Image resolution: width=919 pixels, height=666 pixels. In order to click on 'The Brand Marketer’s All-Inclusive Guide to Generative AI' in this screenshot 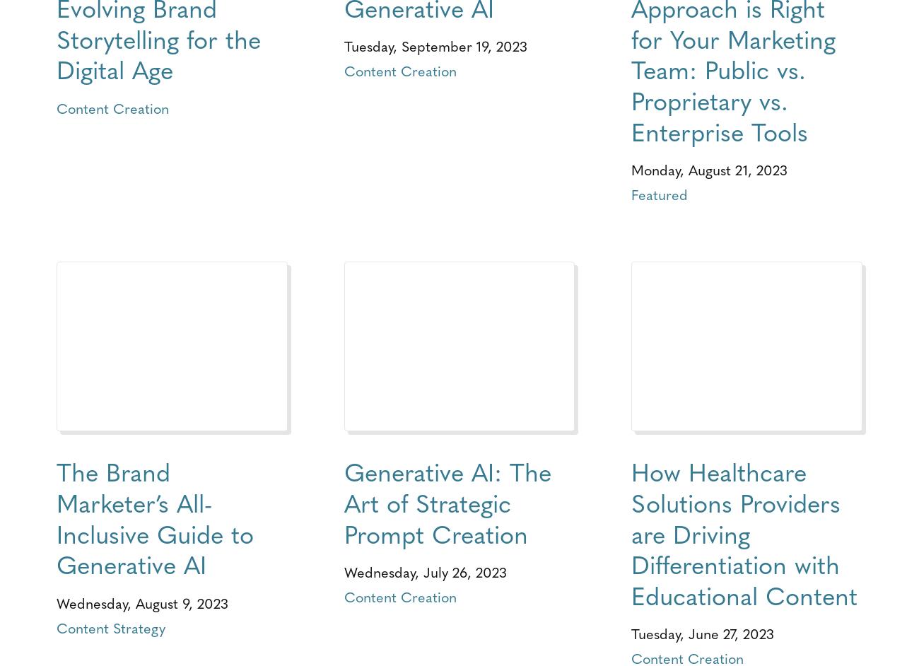, I will do `click(154, 517)`.